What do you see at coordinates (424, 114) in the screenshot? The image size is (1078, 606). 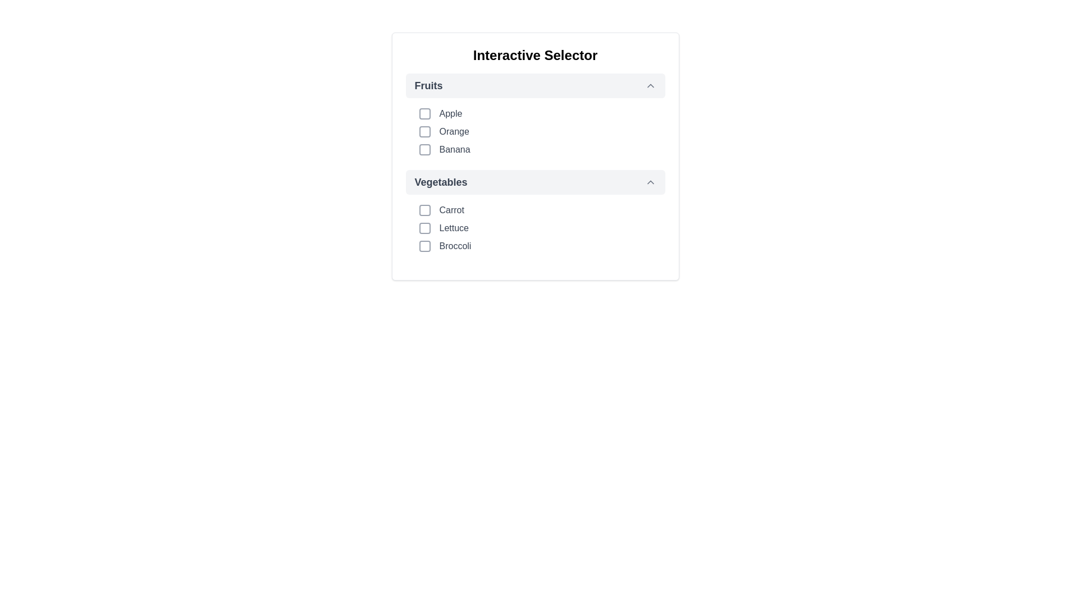 I see `the checkbox located to the left of the 'Apple' label in the 'Fruits' section` at bounding box center [424, 114].